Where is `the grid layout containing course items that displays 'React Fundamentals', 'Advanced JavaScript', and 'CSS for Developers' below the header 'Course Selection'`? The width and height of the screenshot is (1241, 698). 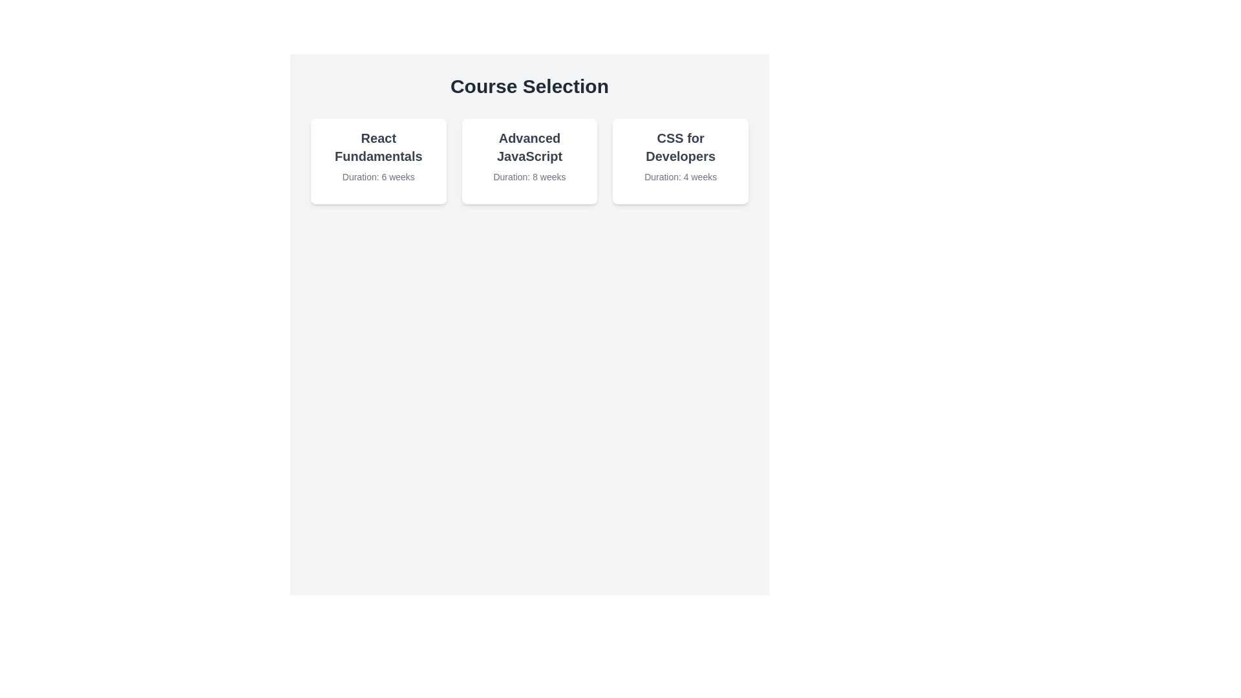 the grid layout containing course items that displays 'React Fundamentals', 'Advanced JavaScript', and 'CSS for Developers' below the header 'Course Selection' is located at coordinates (529, 161).